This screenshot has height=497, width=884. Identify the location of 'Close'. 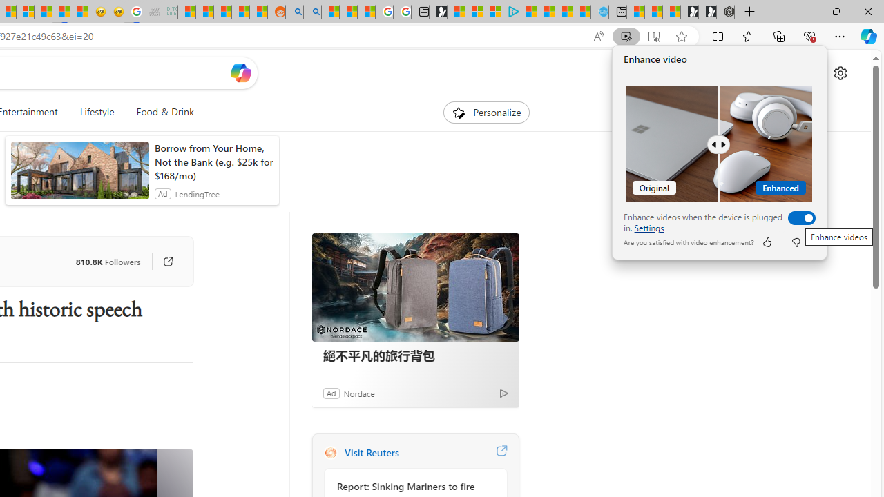
(867, 11).